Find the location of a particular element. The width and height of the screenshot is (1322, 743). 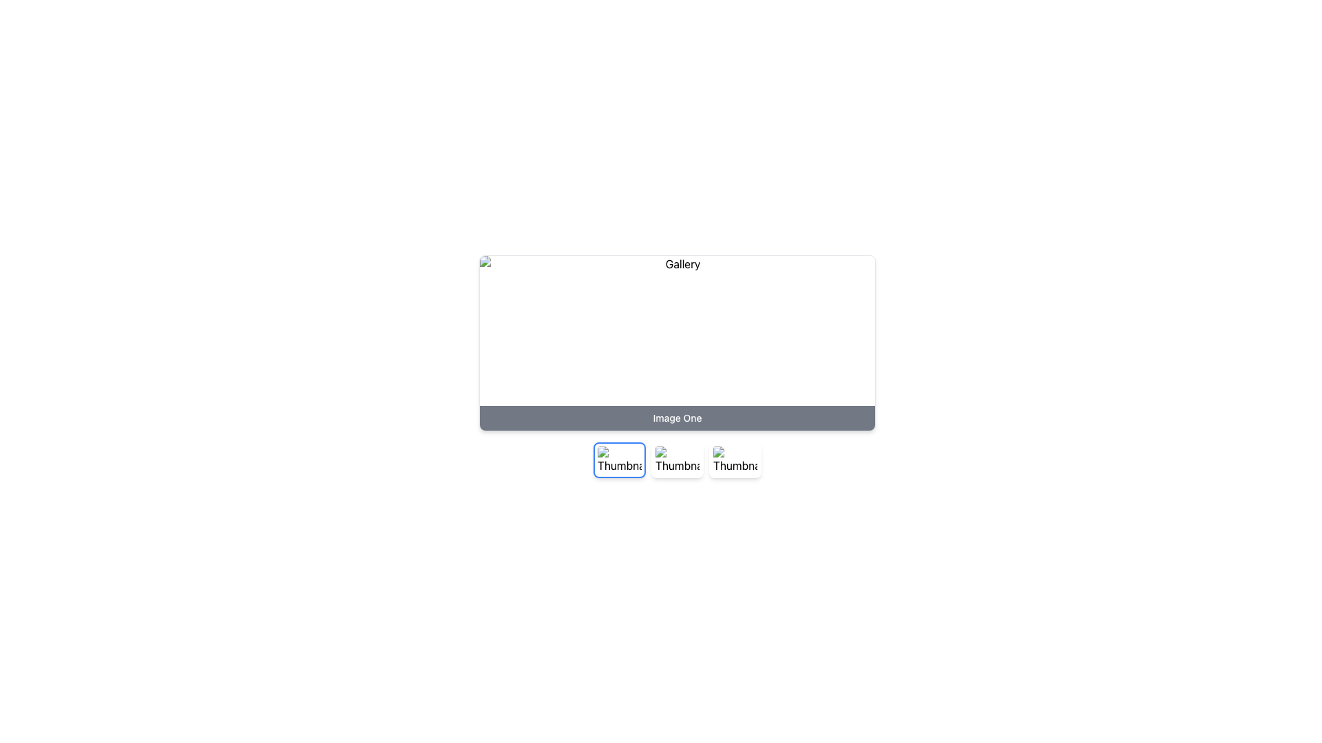

displayed text from the footer-like Text Label with a gray background that shows 'Image One' in white, centered and bold is located at coordinates (677, 418).